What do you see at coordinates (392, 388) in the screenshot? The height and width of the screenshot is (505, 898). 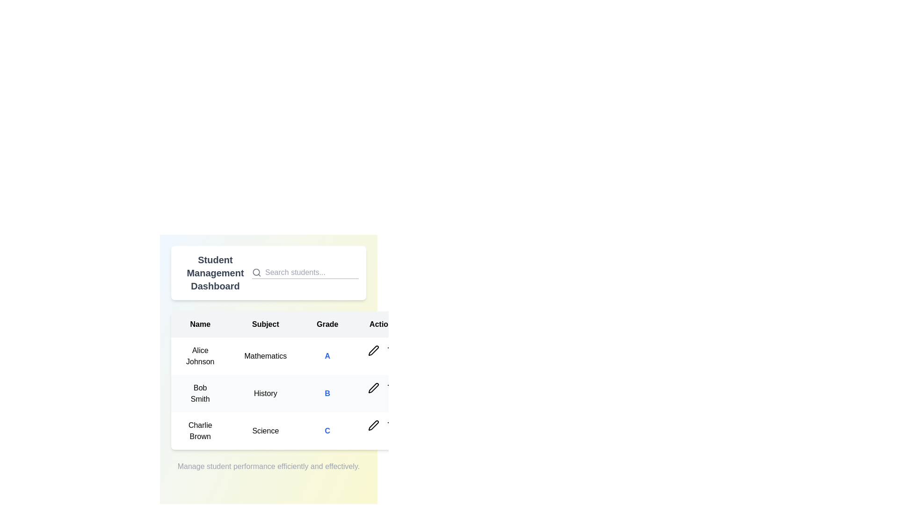 I see `the delete button in the action column of the second row corresponding to 'Bob Smith' in the data table` at bounding box center [392, 388].